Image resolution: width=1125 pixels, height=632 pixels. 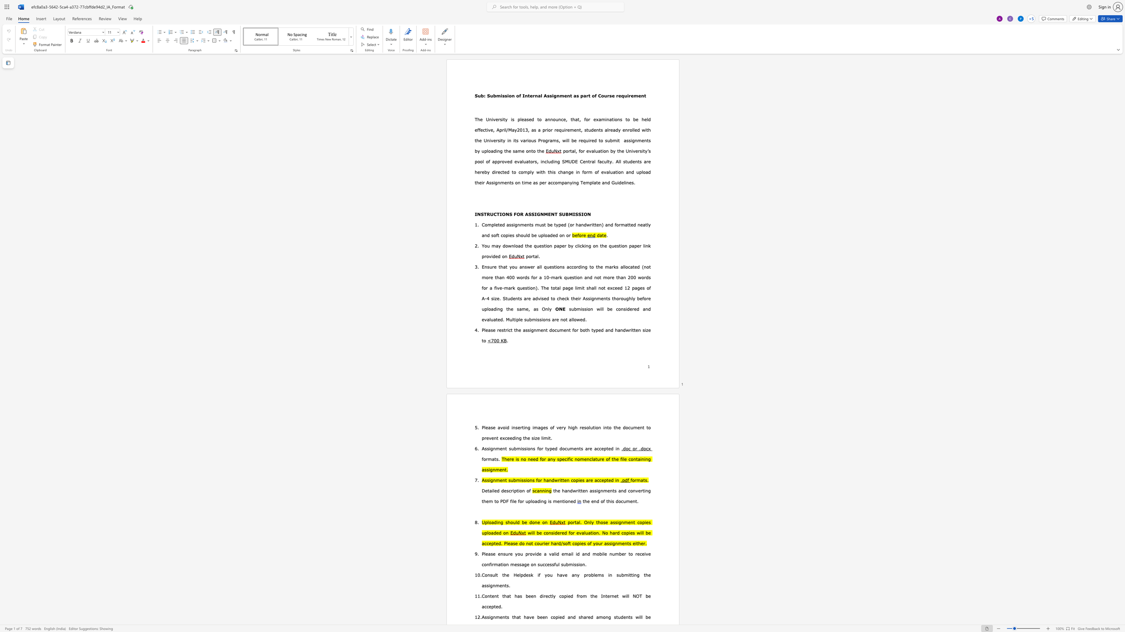 I want to click on the 2th character "r" in the text, so click(x=483, y=182).